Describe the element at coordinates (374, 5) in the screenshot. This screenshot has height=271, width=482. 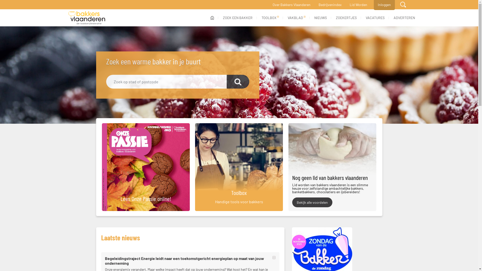
I see `'Inloggen'` at that location.